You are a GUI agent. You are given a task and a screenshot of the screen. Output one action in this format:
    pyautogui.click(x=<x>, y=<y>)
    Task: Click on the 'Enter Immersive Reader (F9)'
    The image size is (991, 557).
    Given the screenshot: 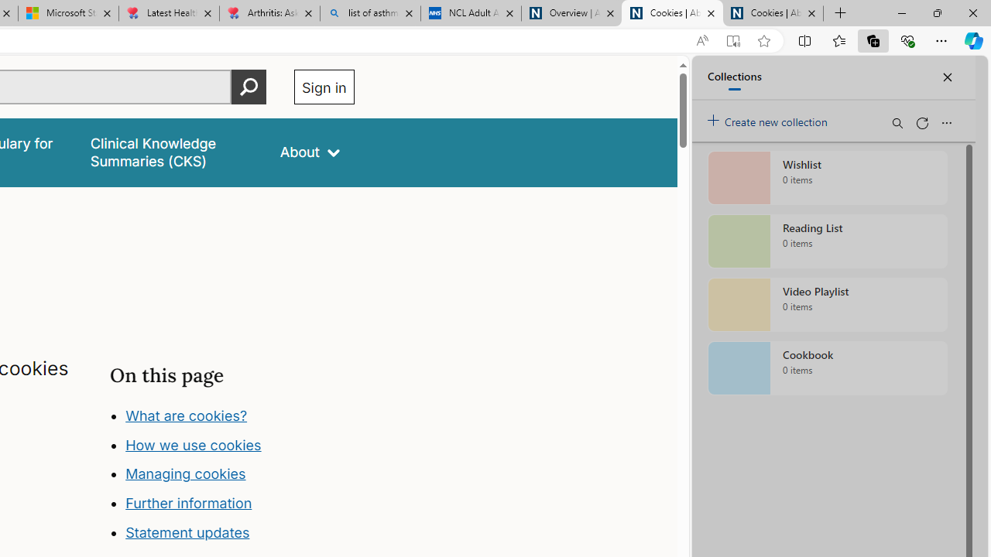 What is the action you would take?
    pyautogui.click(x=732, y=40)
    